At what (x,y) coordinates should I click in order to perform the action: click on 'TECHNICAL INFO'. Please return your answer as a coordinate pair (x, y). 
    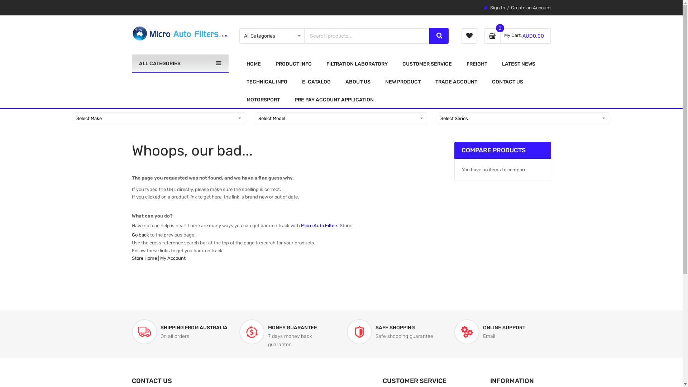
    Looking at the image, I should click on (239, 81).